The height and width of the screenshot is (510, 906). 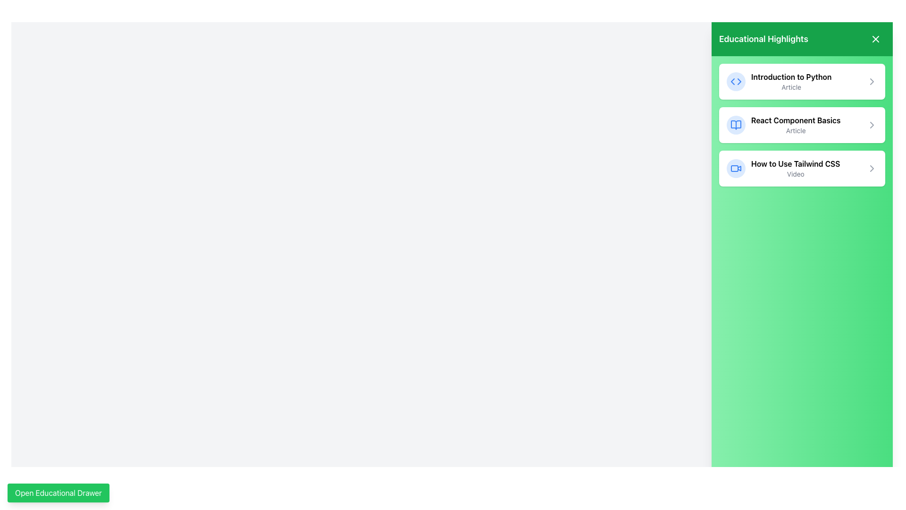 I want to click on the text label indicating the type of resource (a video) for the list item labeled 'How to Use Tailwind CSS', located below the main title and alongside a blue video icon, so click(x=795, y=174).